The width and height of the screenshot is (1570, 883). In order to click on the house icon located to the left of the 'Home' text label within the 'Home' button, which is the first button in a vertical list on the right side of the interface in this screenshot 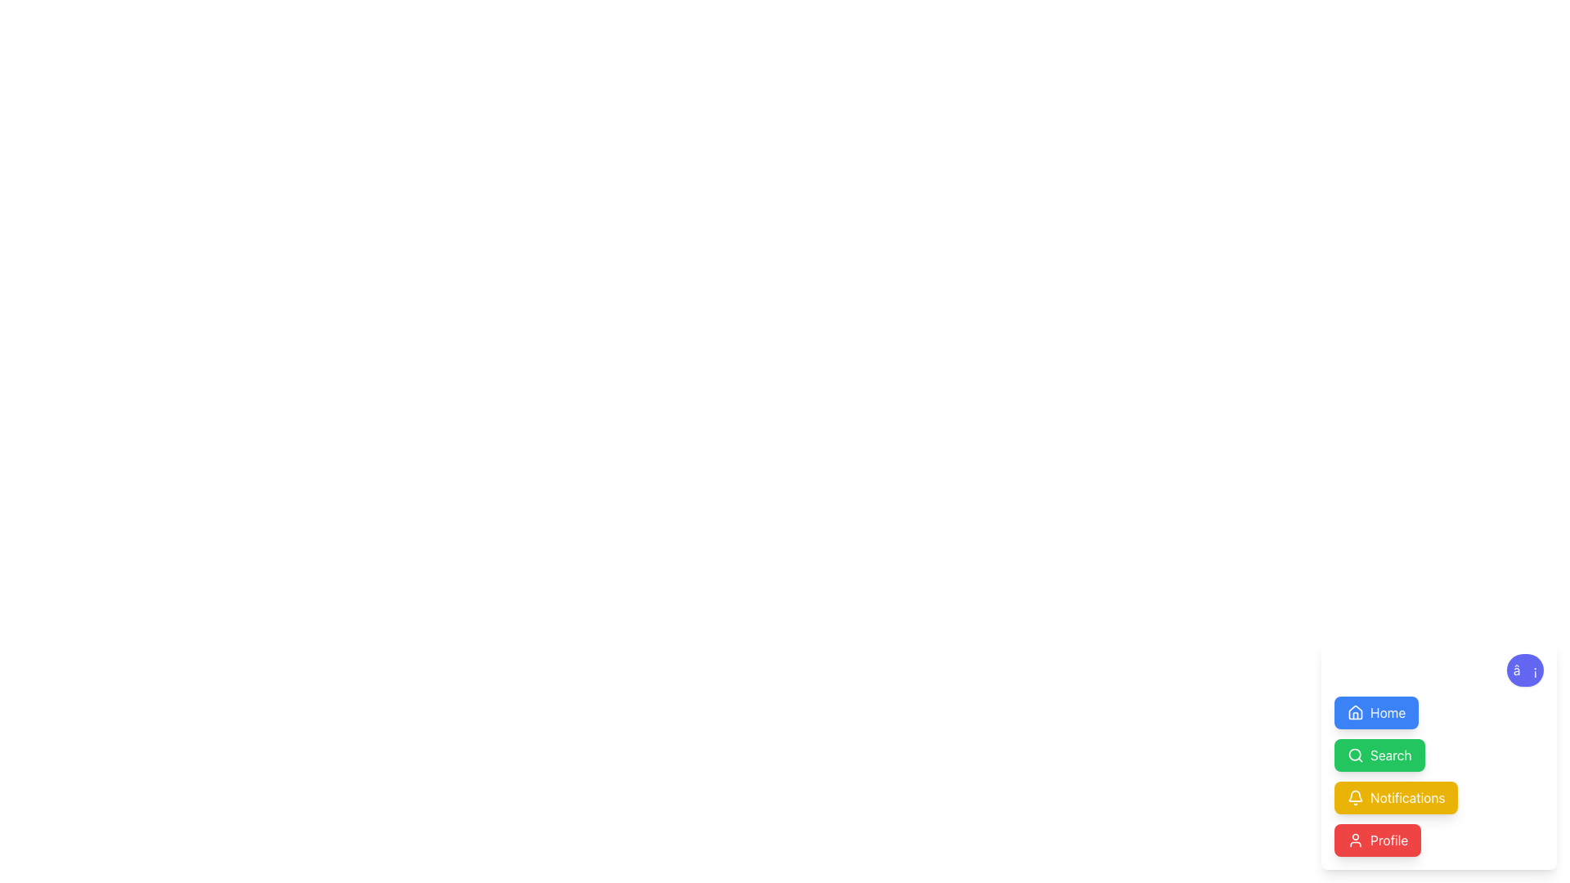, I will do `click(1355, 711)`.